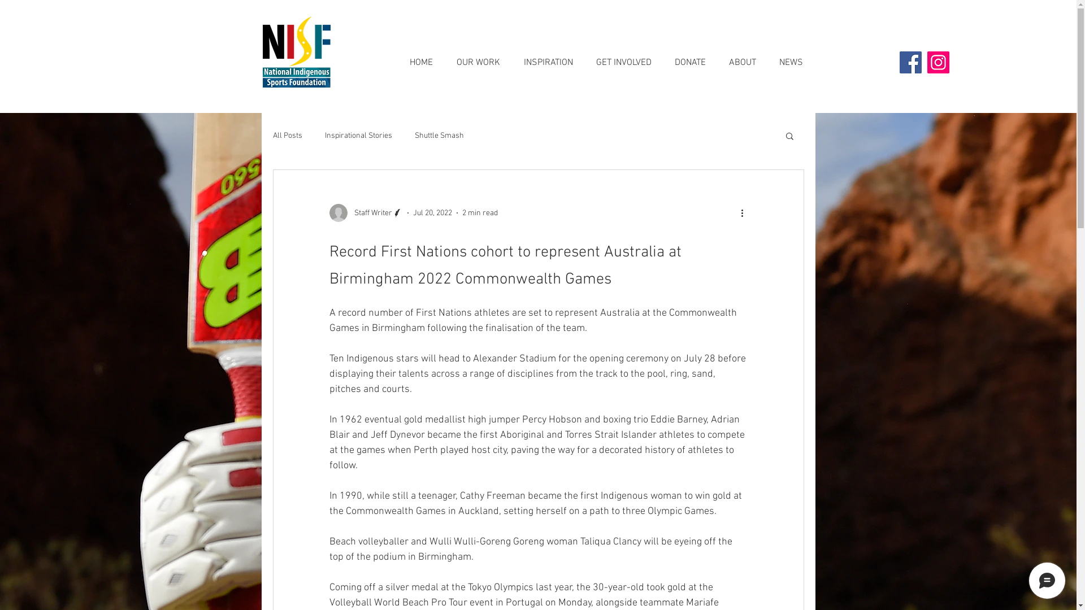 This screenshot has height=610, width=1085. I want to click on 'Staff Writer', so click(366, 213).